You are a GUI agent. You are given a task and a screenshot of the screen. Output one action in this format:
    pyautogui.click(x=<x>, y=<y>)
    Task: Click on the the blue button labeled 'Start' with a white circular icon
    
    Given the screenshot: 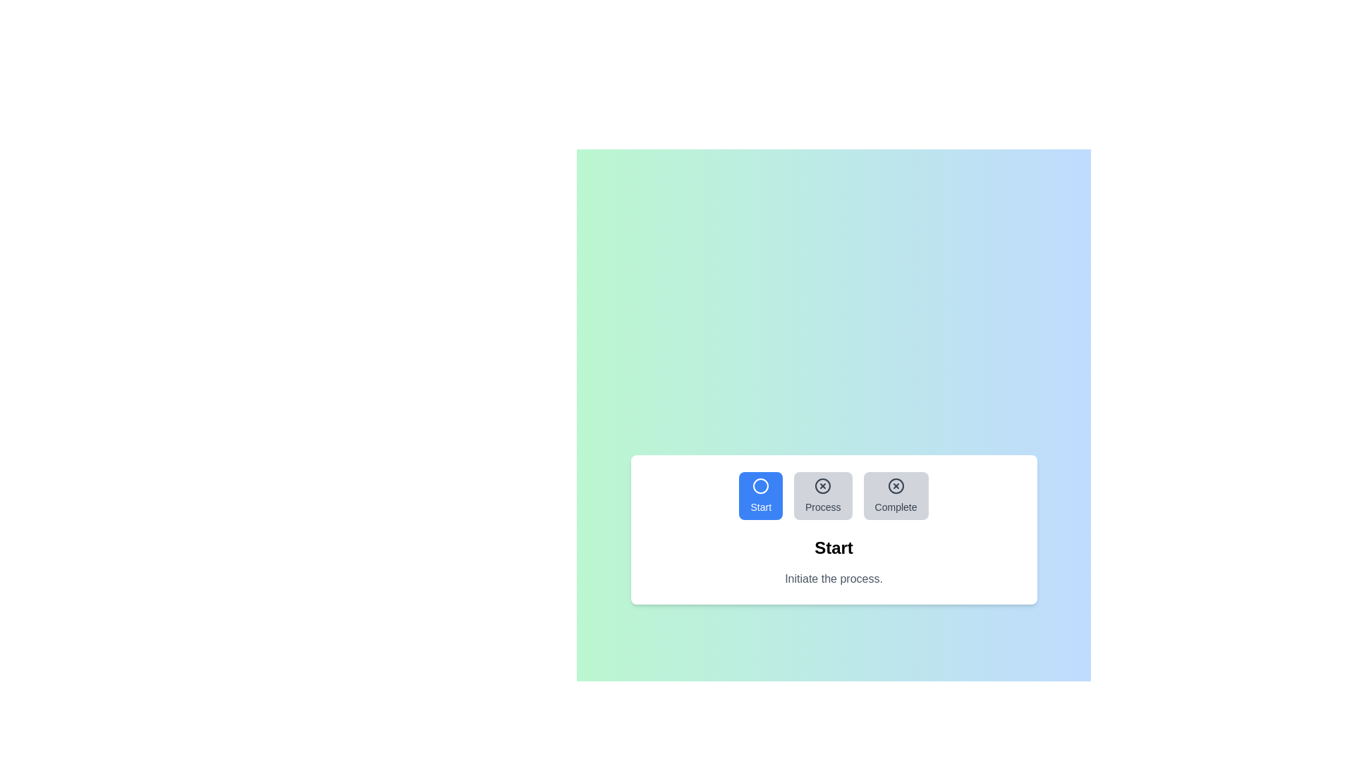 What is the action you would take?
    pyautogui.click(x=760, y=495)
    